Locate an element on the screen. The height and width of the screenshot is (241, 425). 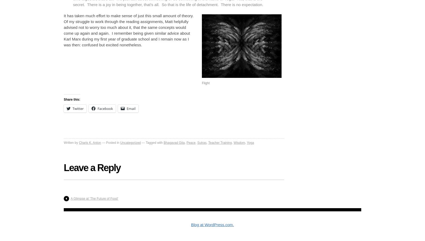
'A Glimpse at ‘The Future of Food’' is located at coordinates (94, 198).